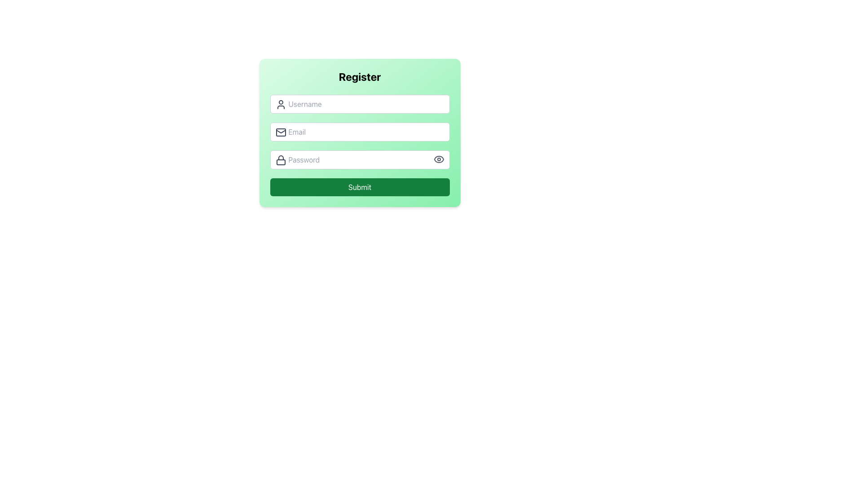 The image size is (862, 485). I want to click on the bottom part of the padlock icon, which is a small rectangle with rounded corners, located slightly above the password text field in the registration form, so click(280, 162).